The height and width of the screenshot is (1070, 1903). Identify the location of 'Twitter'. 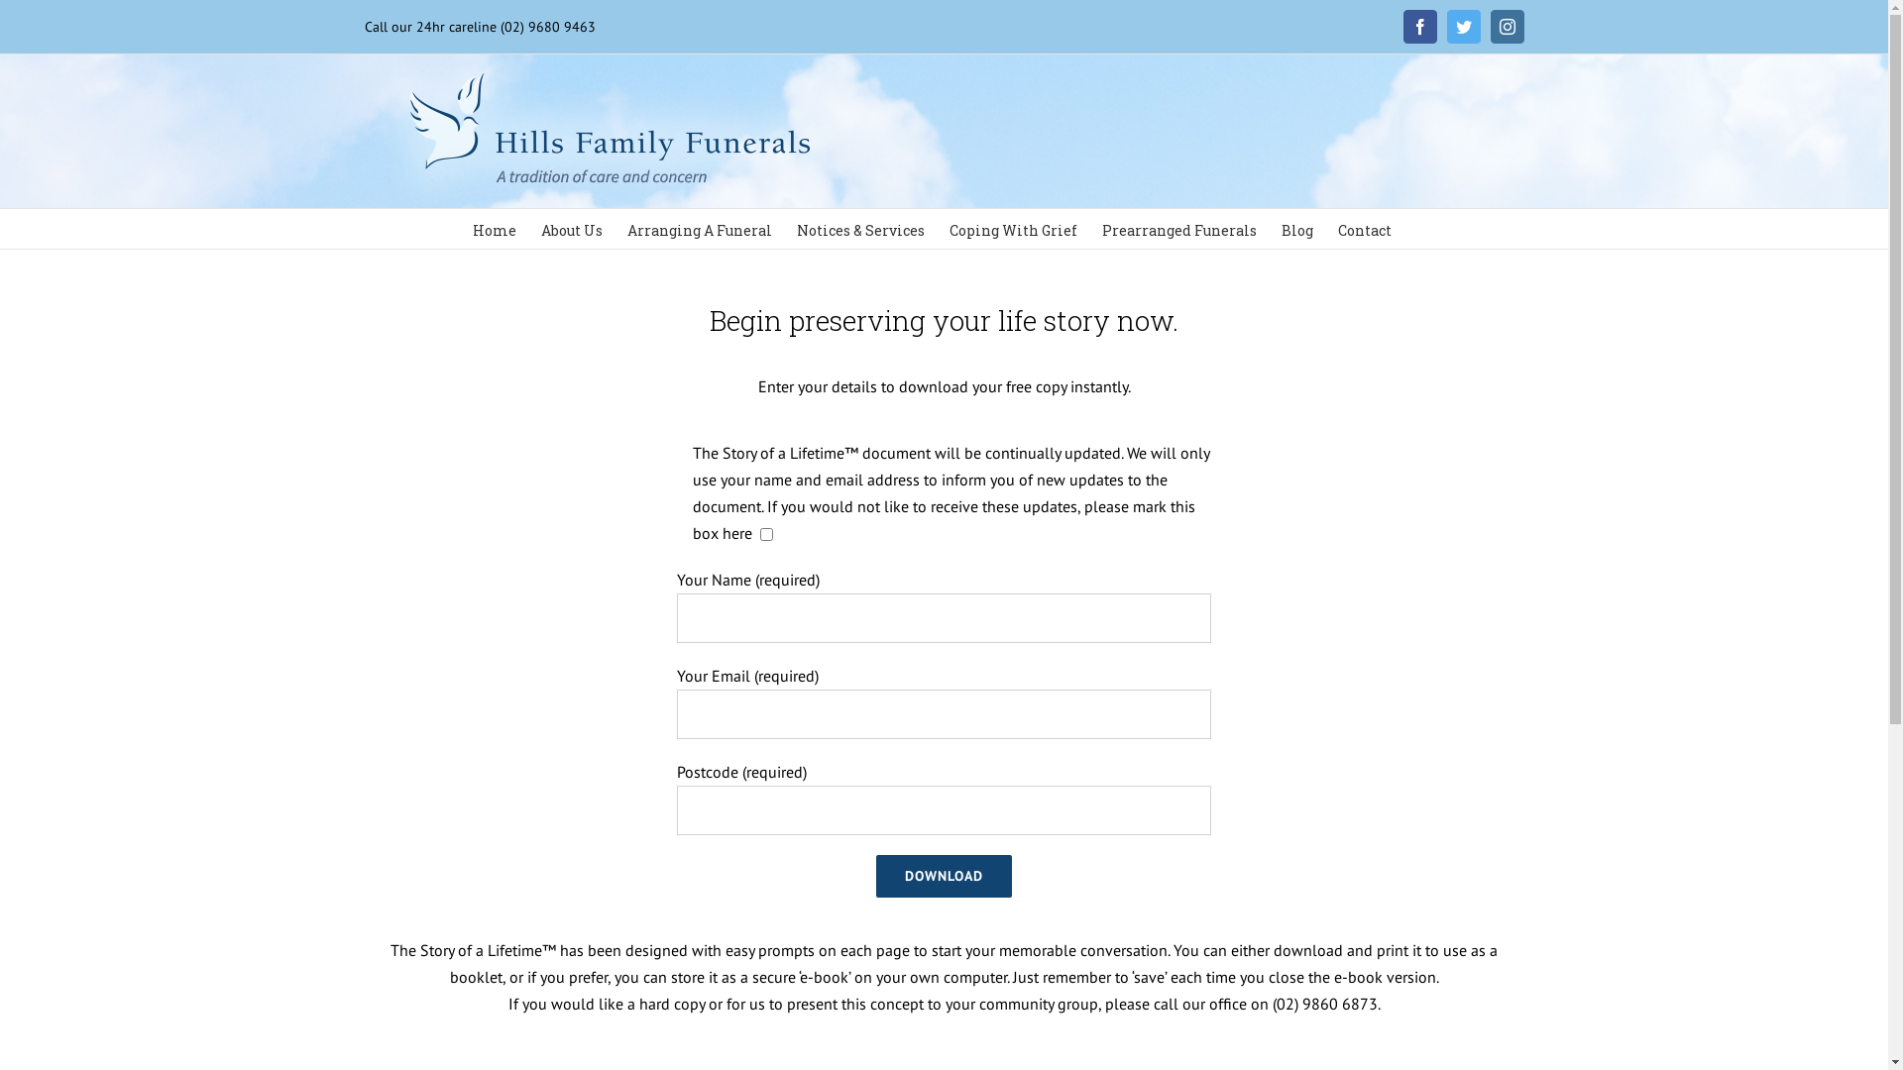
(1464, 27).